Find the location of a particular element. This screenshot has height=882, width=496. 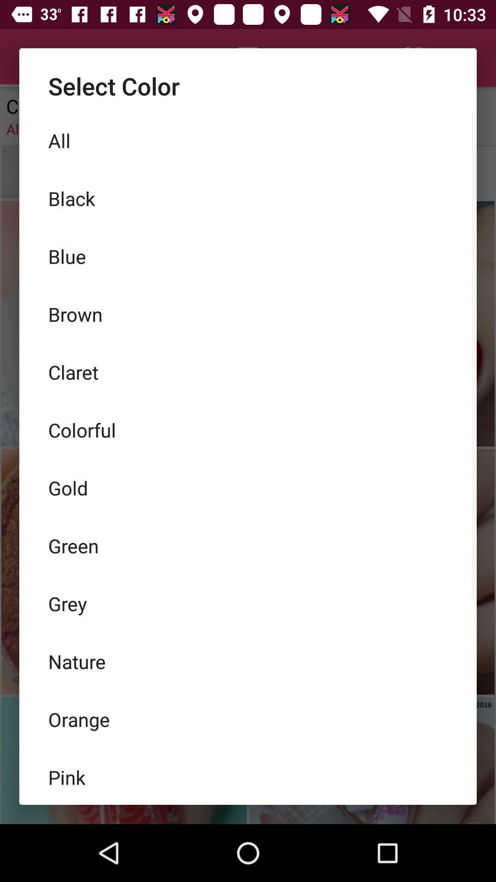

the item below nature is located at coordinates (248, 718).